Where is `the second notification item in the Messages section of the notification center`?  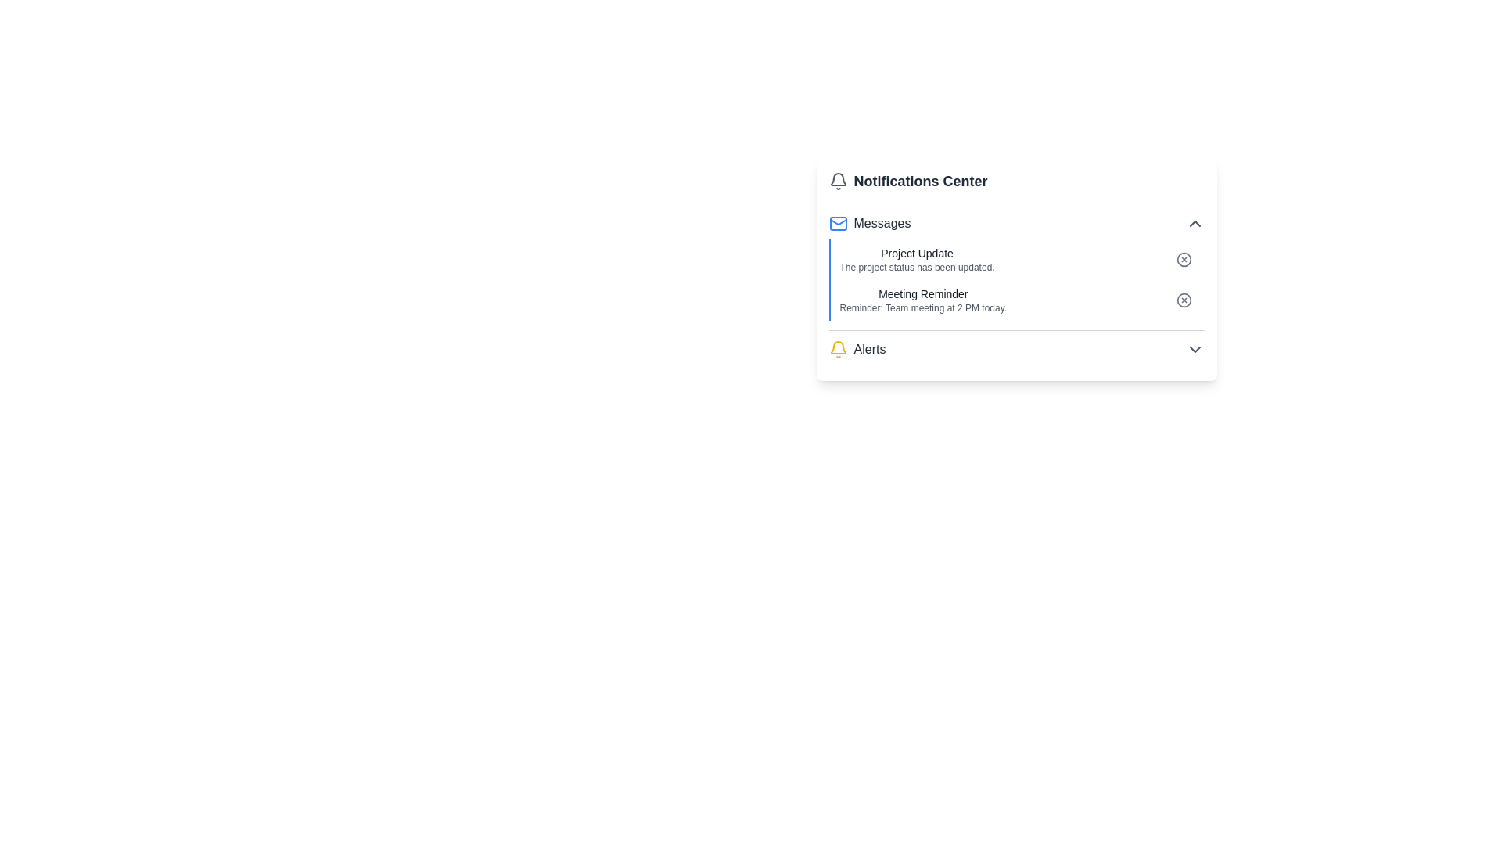
the second notification item in the Messages section of the notification center is located at coordinates (1016, 300).